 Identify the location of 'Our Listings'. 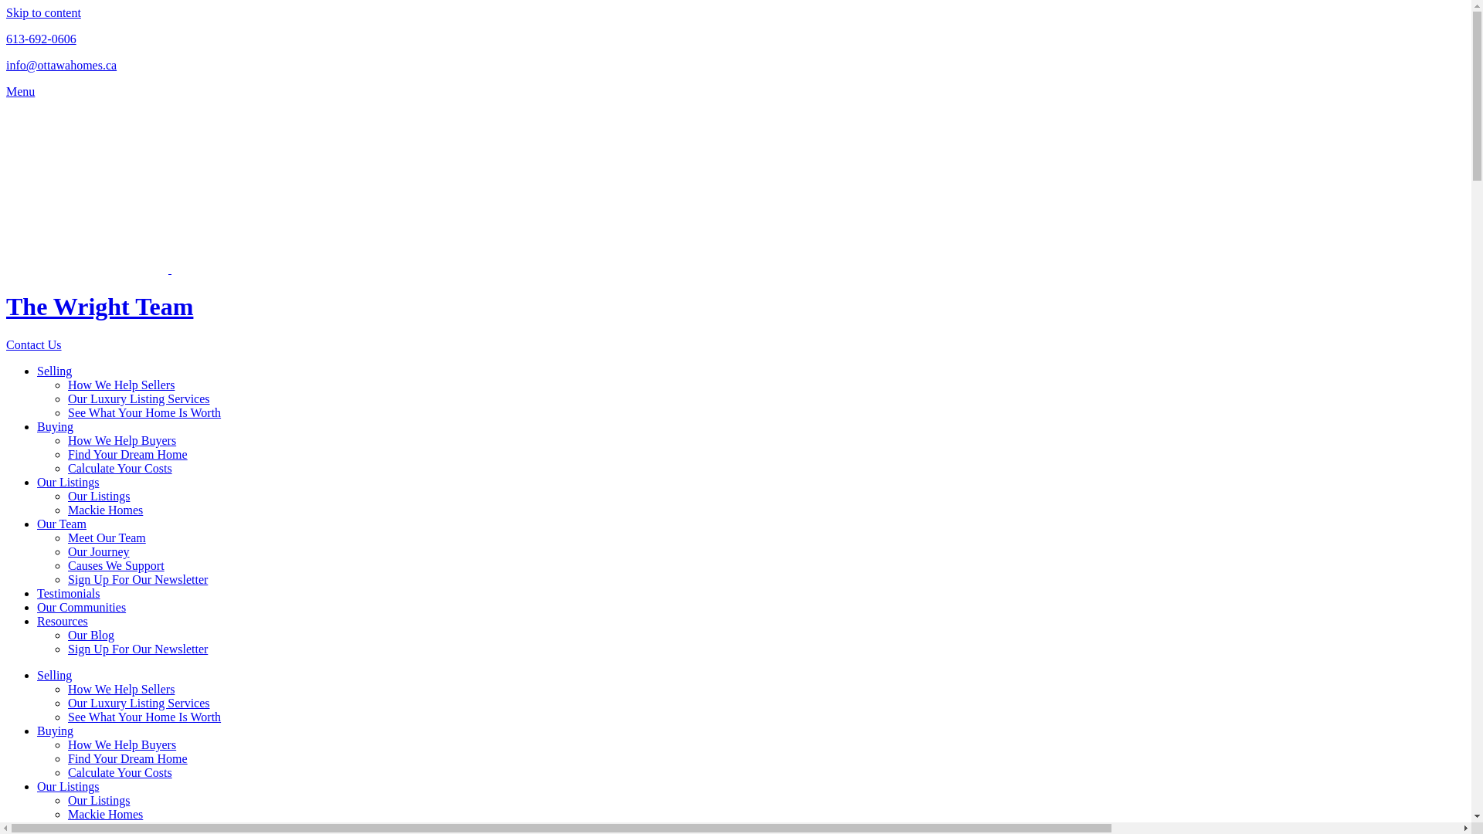
(66, 496).